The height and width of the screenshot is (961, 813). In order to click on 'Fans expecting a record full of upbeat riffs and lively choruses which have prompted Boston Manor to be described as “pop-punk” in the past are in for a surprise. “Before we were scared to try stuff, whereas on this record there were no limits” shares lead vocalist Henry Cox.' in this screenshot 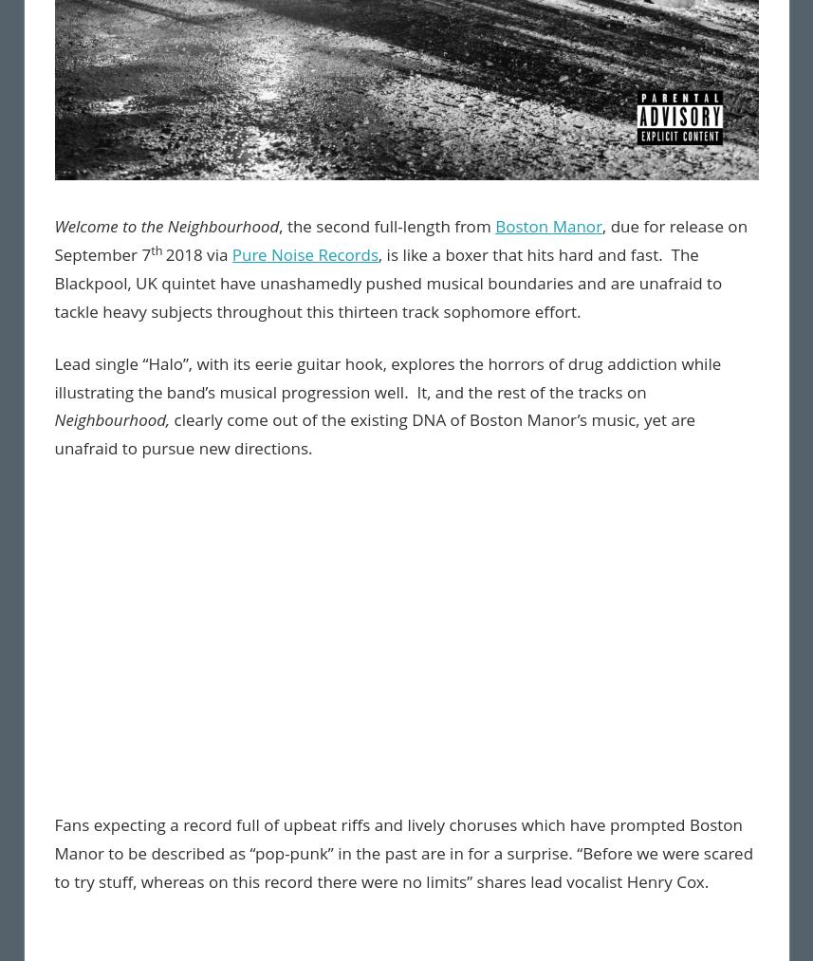, I will do `click(403, 852)`.